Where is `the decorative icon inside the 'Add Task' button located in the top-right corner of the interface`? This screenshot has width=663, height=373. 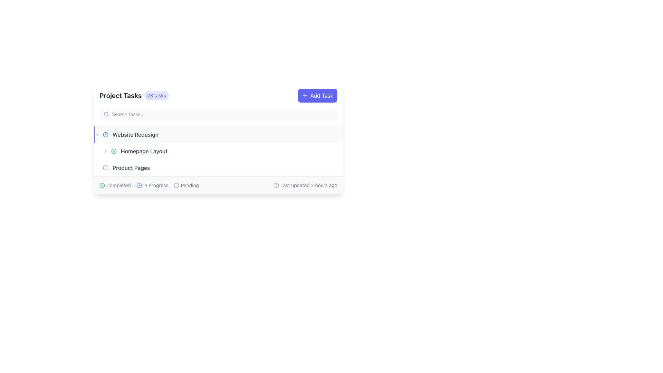
the decorative icon inside the 'Add Task' button located in the top-right corner of the interface is located at coordinates (304, 96).